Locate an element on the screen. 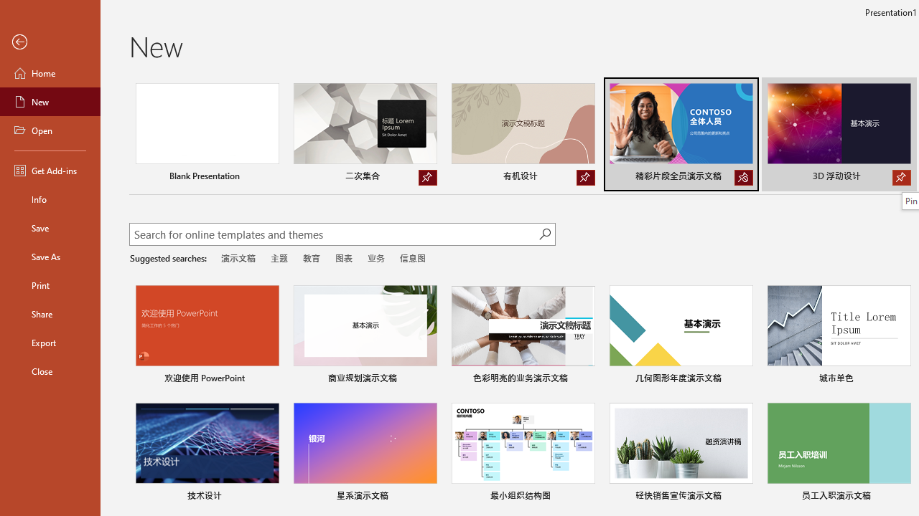  'Search for online templates and themes' is located at coordinates (333, 235).